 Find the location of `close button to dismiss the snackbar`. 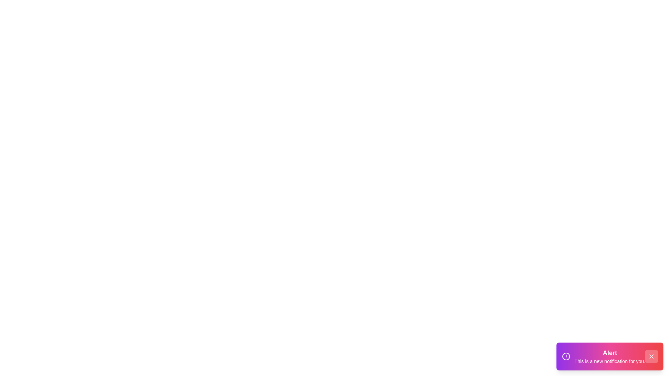

close button to dismiss the snackbar is located at coordinates (651, 356).